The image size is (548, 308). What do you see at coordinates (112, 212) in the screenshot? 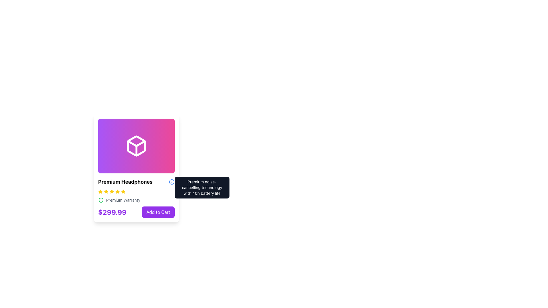
I see `the cost text element located in the bottom-left corner of the product card, beneath the product warranty text and to the left of the 'Add to Cart' button` at bounding box center [112, 212].